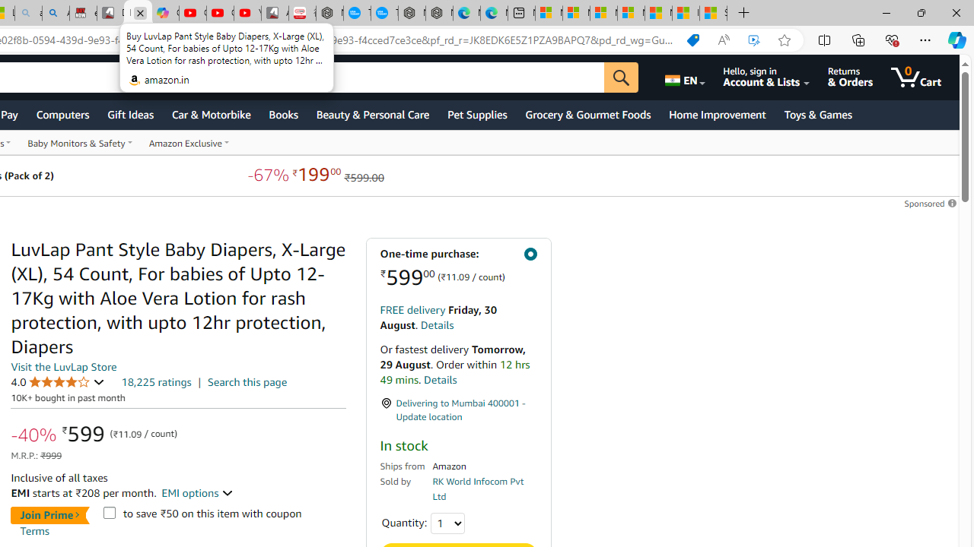 The height and width of the screenshot is (547, 974). I want to click on 'This site has coupons! Shopping in Microsoft Edge', so click(692, 40).